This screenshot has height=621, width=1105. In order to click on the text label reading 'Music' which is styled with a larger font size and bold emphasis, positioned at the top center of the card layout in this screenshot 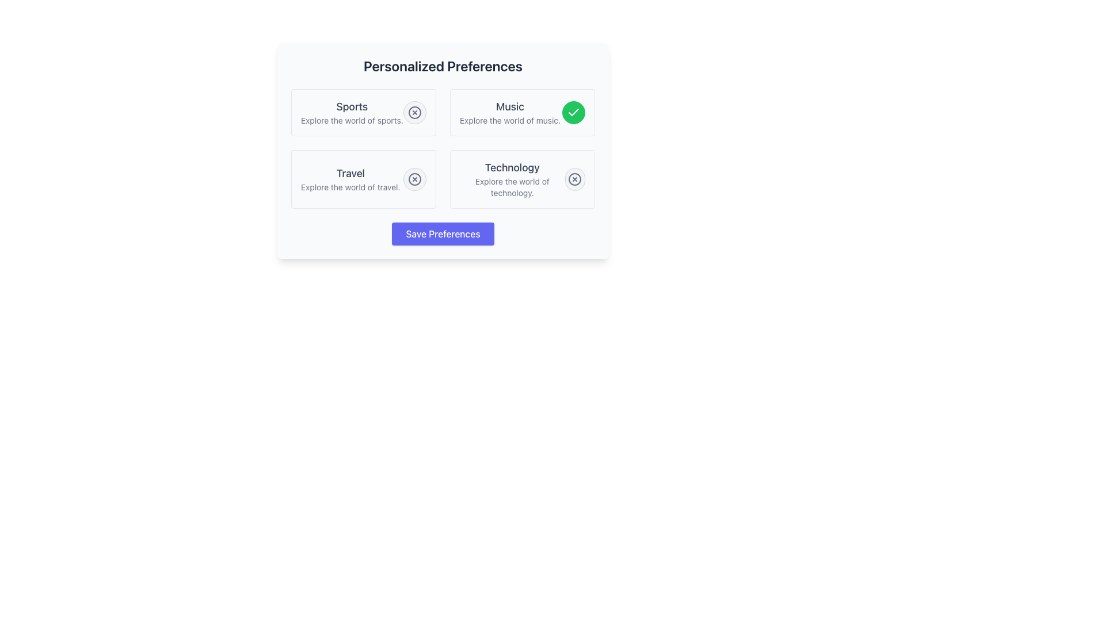, I will do `click(509, 106)`.